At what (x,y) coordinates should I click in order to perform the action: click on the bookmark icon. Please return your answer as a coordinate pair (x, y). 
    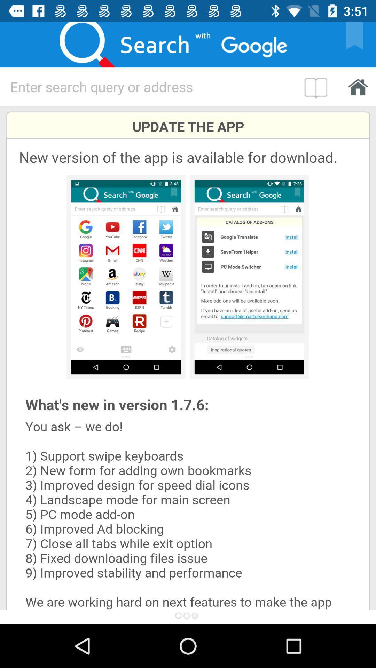
    Looking at the image, I should click on (359, 44).